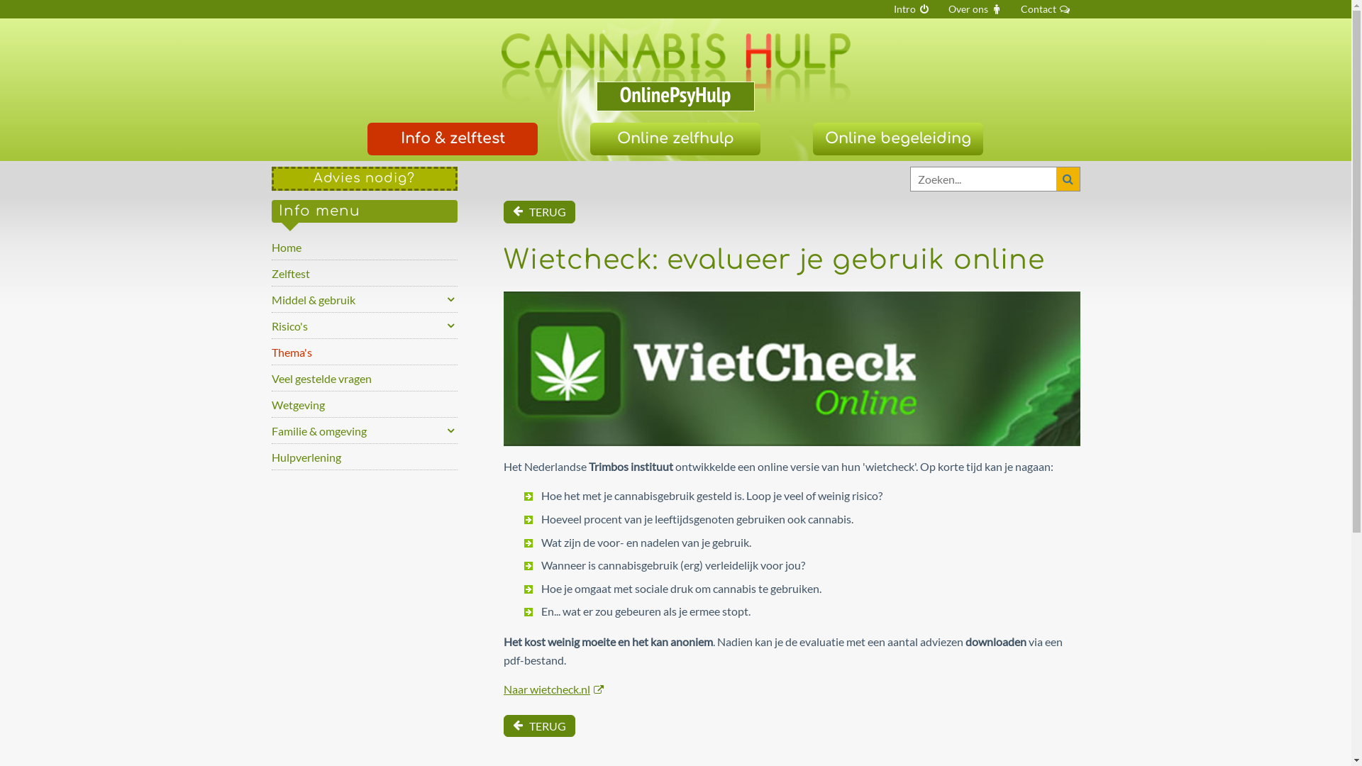 The image size is (1362, 766). I want to click on 'Familie & omgeving', so click(271, 429).